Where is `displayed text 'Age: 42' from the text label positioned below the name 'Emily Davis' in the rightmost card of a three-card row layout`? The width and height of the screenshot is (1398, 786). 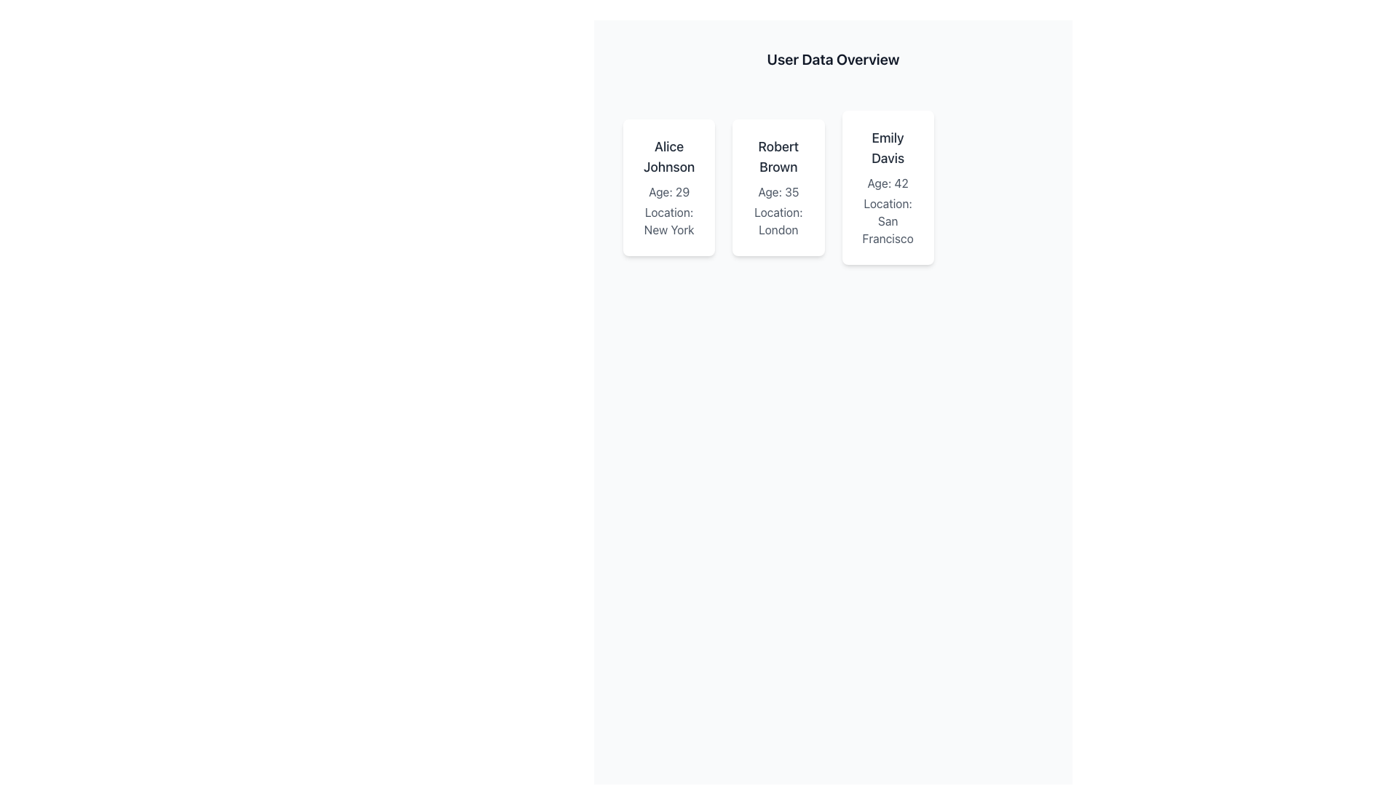 displayed text 'Age: 42' from the text label positioned below the name 'Emily Davis' in the rightmost card of a three-card row layout is located at coordinates (887, 182).